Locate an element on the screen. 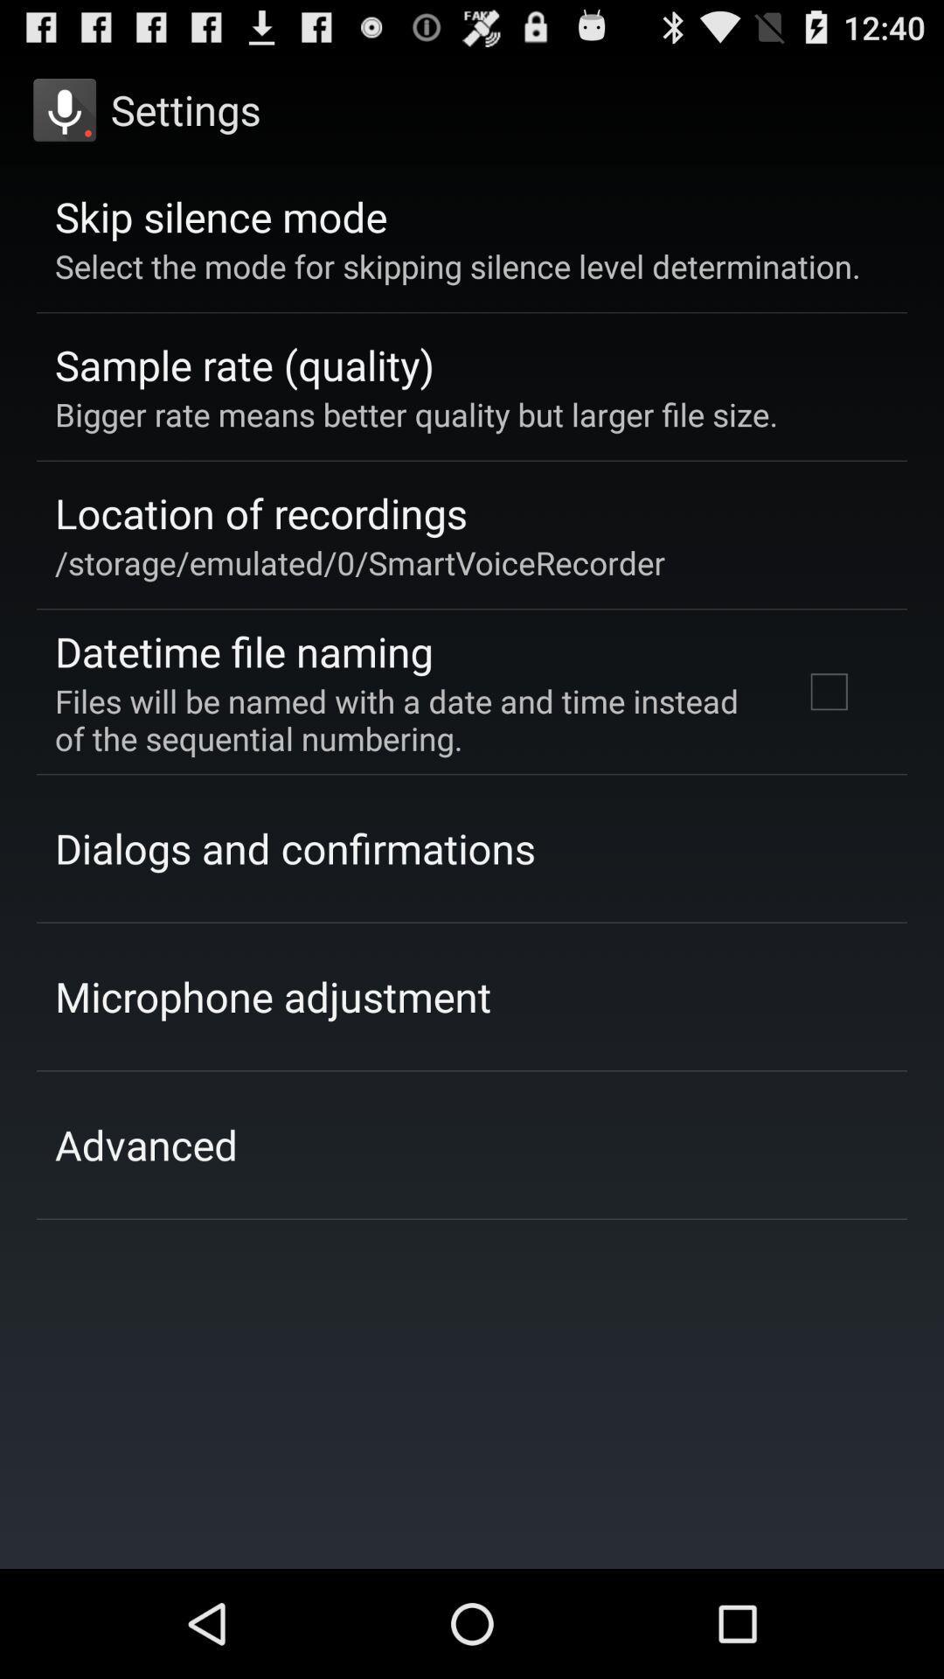 This screenshot has width=944, height=1679. item to the right of files will be icon is located at coordinates (828, 691).